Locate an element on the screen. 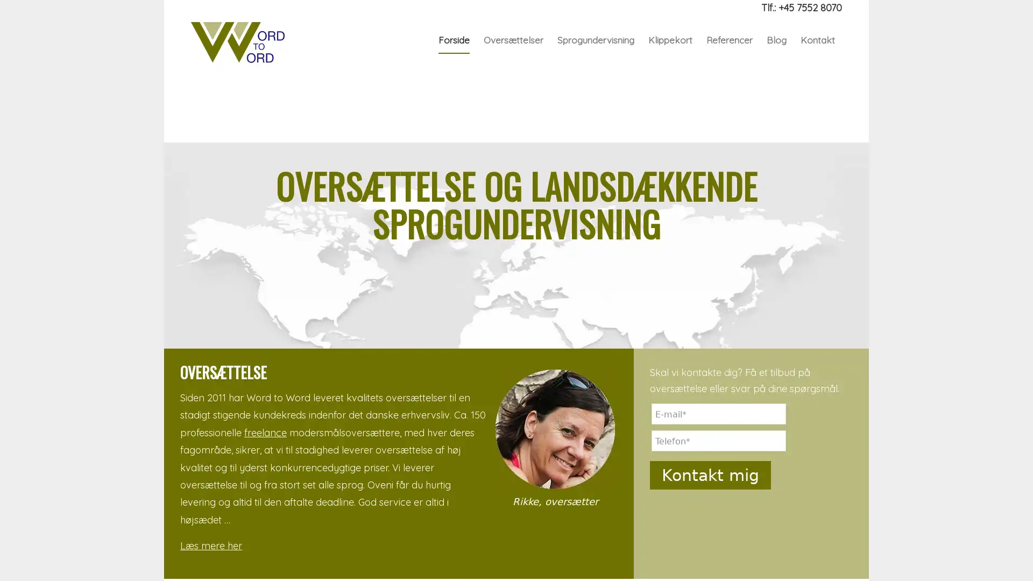 This screenshot has height=581, width=1033. Kontakt mig is located at coordinates (710, 474).